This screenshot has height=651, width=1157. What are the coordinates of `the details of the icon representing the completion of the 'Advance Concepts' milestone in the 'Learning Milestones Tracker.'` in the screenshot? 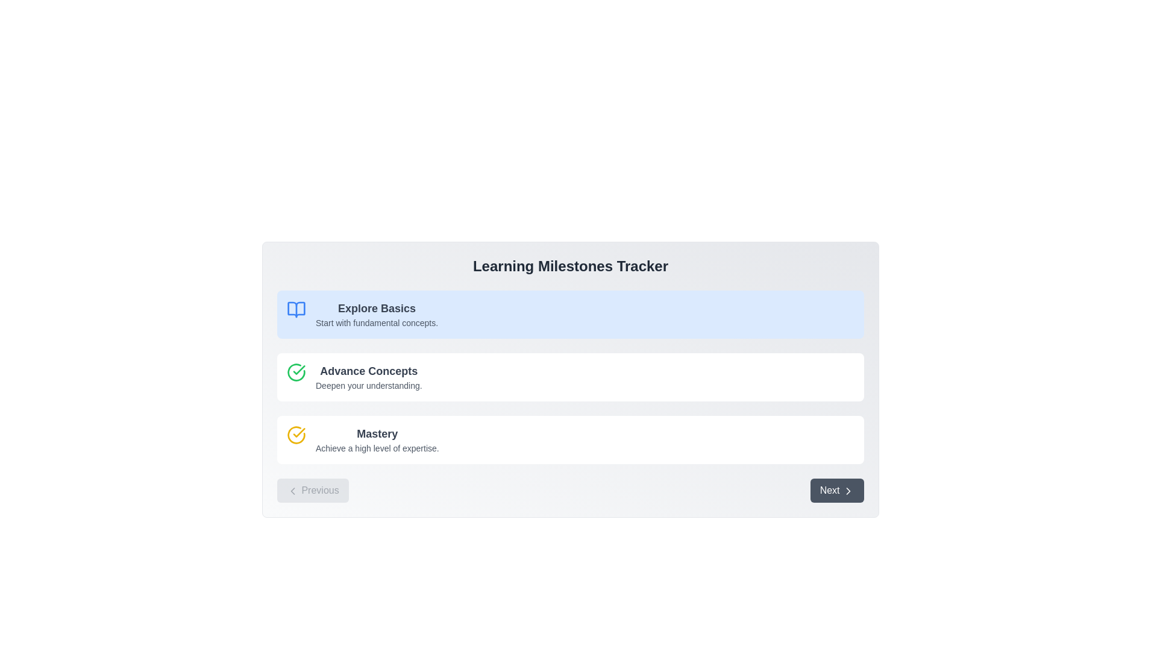 It's located at (296, 371).